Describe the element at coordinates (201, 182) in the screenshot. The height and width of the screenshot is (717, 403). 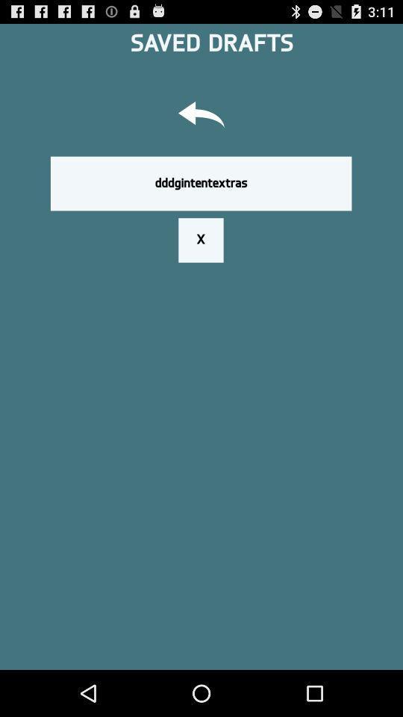
I see `button above the x icon` at that location.